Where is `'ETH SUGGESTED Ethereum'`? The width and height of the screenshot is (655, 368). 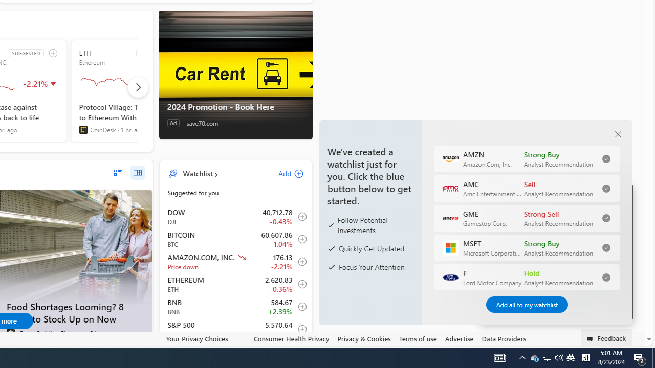
'ETH SUGGESTED Ethereum' is located at coordinates (132, 90).